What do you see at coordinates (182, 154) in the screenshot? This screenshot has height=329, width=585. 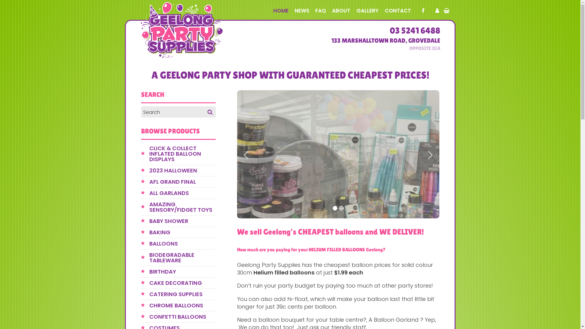 I see `'CLICK & COLLECT INFLATED BALLOON DISPLAYS'` at bounding box center [182, 154].